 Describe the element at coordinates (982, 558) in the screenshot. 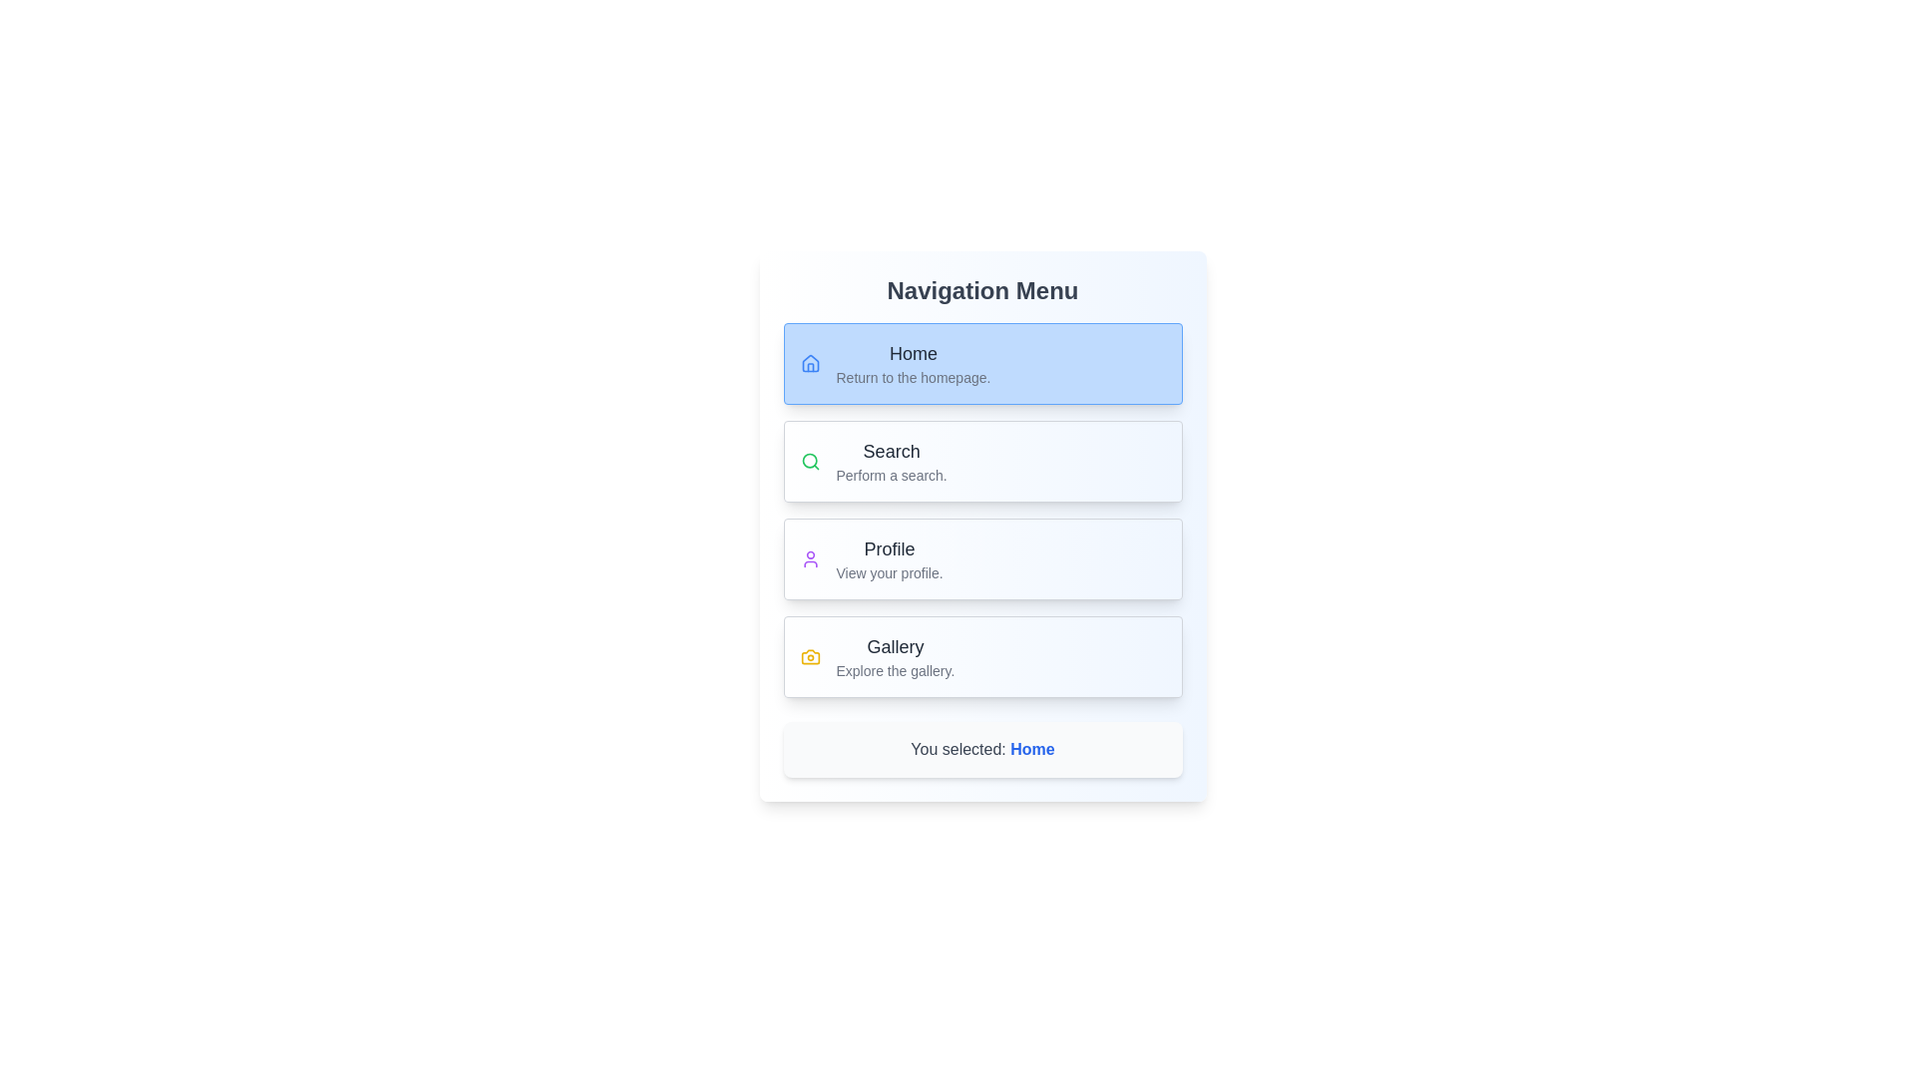

I see `the menu item corresponding to Profile to change the active tab` at that location.